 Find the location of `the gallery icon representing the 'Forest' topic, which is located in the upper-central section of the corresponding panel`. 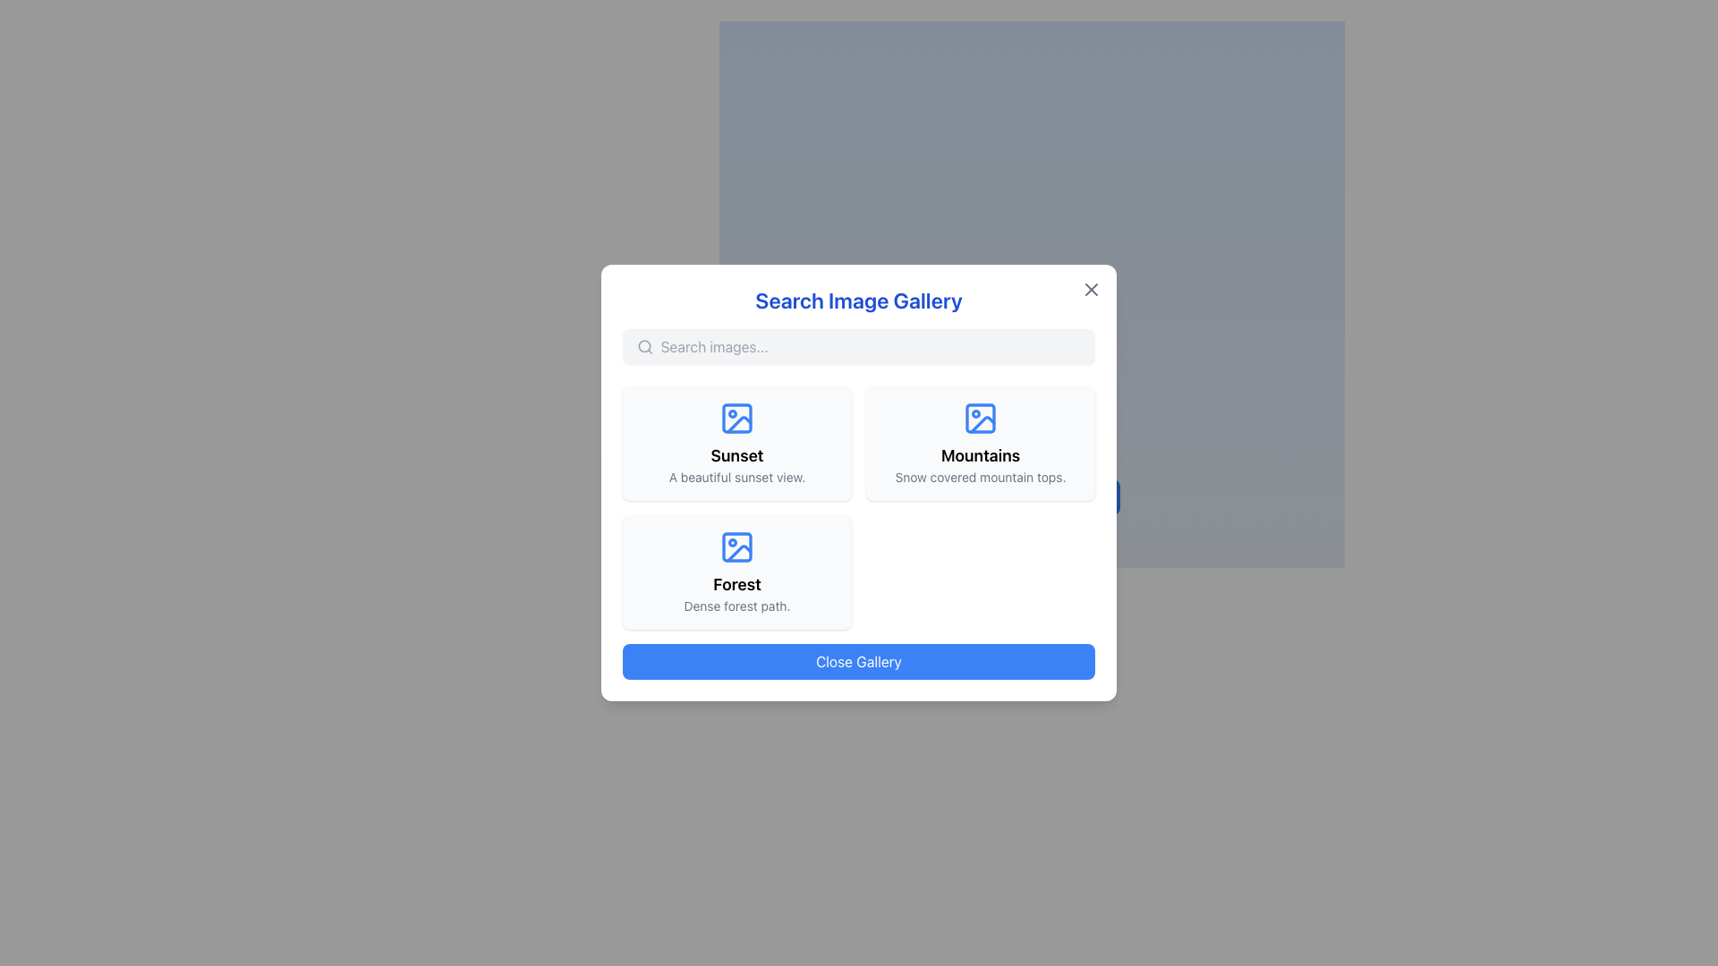

the gallery icon representing the 'Forest' topic, which is located in the upper-central section of the corresponding panel is located at coordinates (737, 547).